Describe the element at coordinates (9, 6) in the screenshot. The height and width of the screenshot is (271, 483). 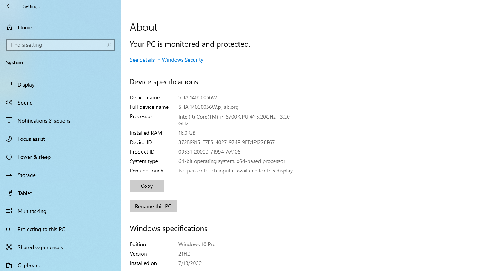
I see `'Back'` at that location.